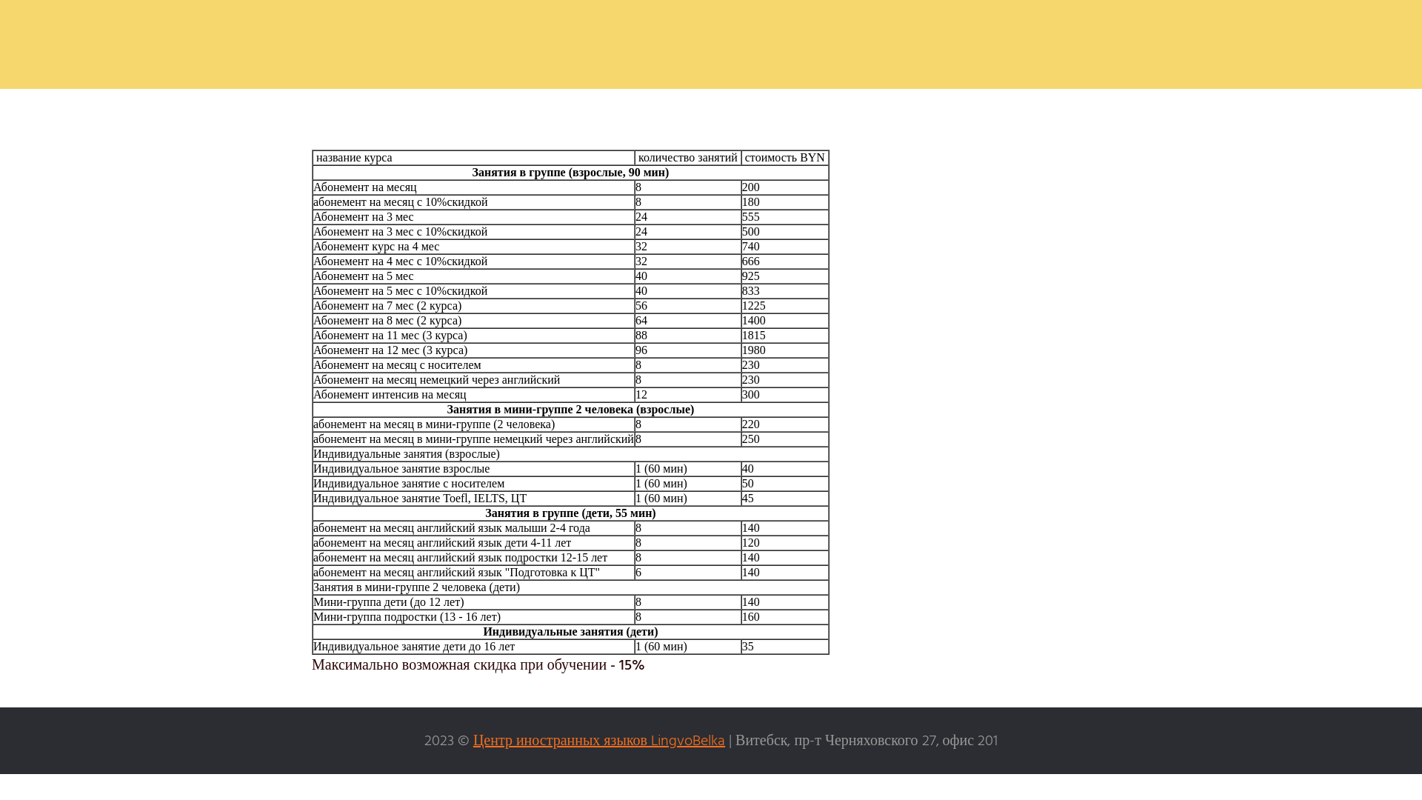 This screenshot has width=1422, height=800. Describe the element at coordinates (711, 44) in the screenshot. I see `'leon-logo'` at that location.